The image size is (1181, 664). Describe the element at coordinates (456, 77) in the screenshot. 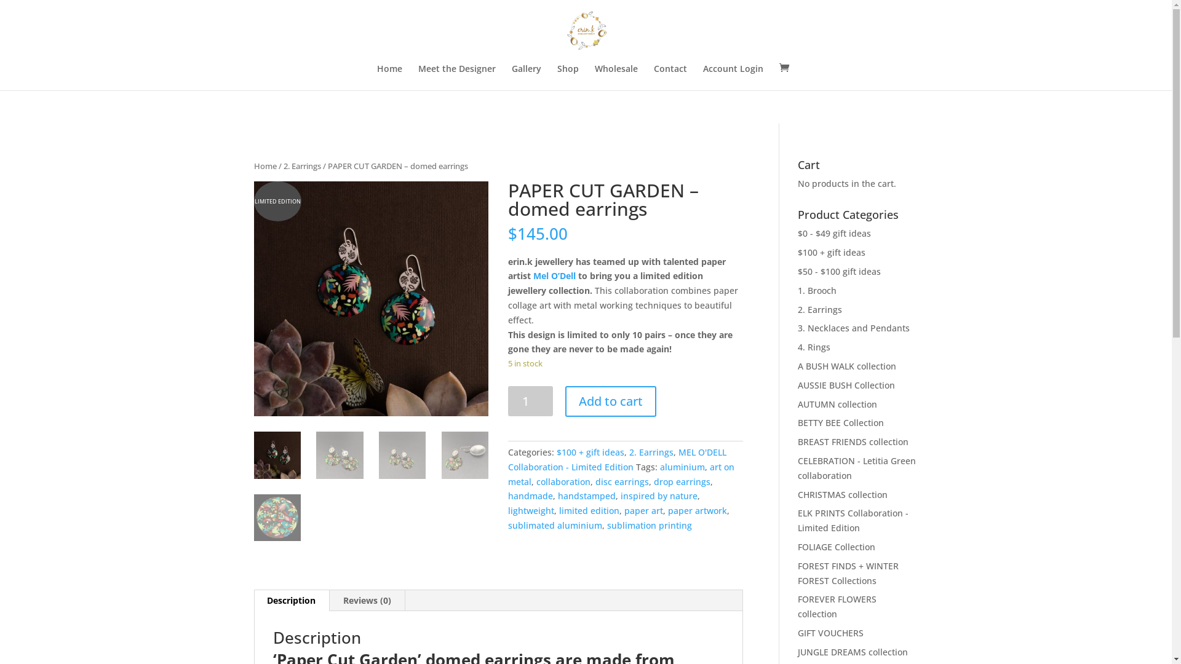

I see `'Meet the Designer'` at that location.